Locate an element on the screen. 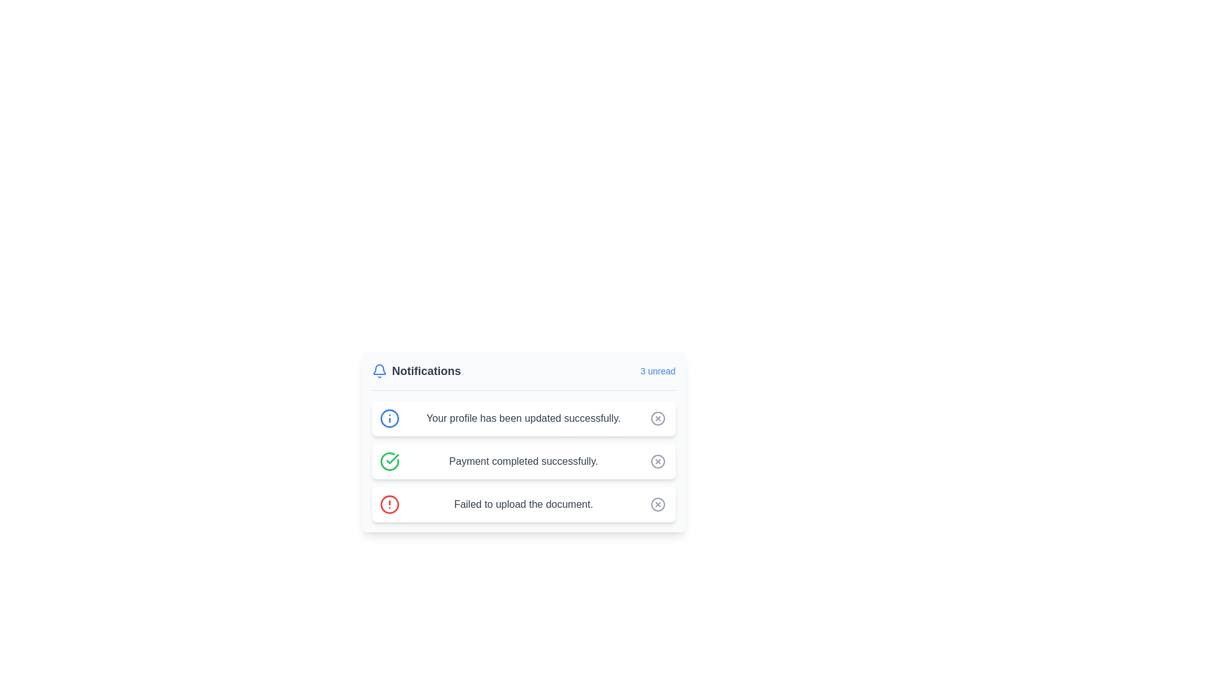 The width and height of the screenshot is (1215, 683). the dismissal button located at the far right of the bottom row in the notification panel is located at coordinates (657, 504).